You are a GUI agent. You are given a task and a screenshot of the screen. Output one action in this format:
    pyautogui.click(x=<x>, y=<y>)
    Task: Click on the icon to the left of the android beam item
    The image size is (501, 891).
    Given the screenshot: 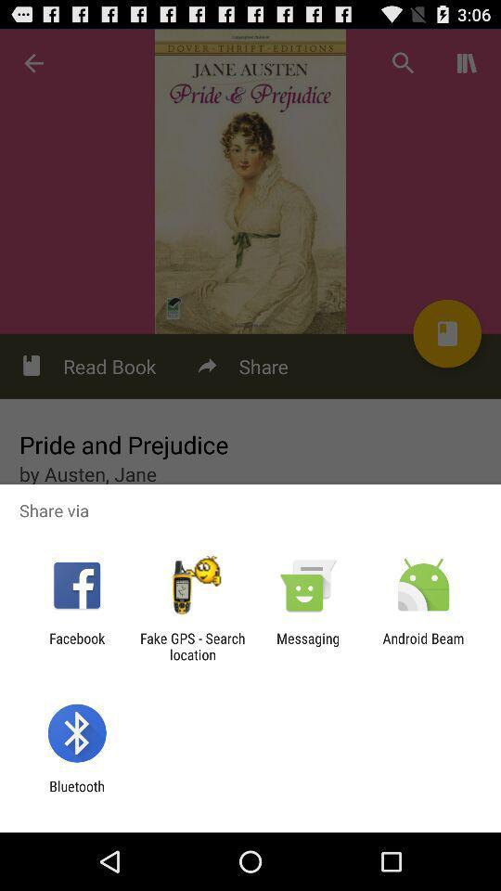 What is the action you would take?
    pyautogui.click(x=308, y=646)
    